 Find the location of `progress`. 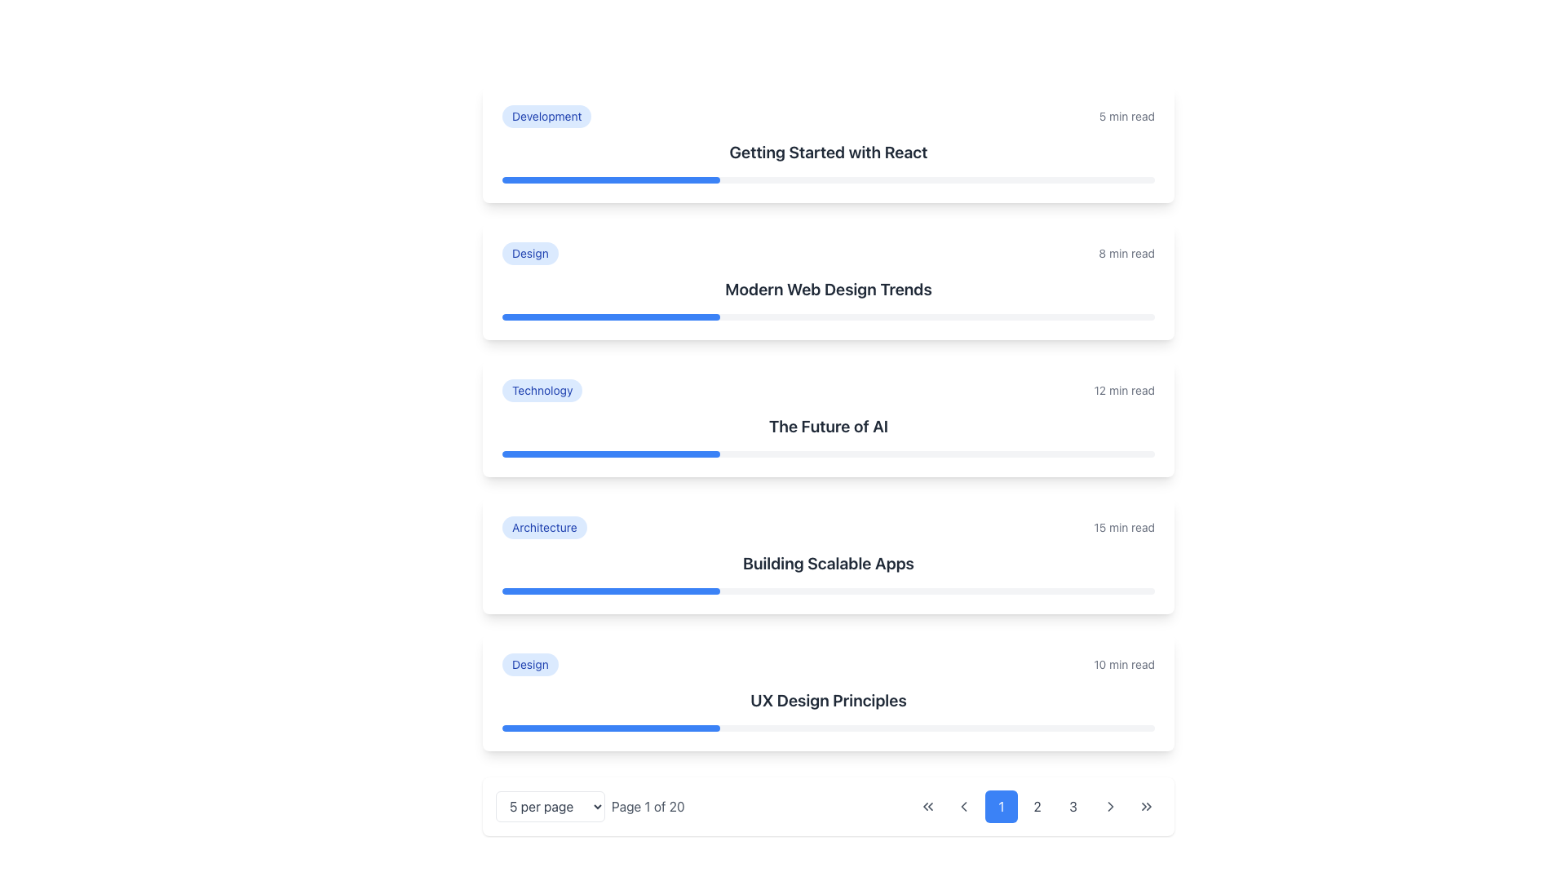

progress is located at coordinates (1024, 317).